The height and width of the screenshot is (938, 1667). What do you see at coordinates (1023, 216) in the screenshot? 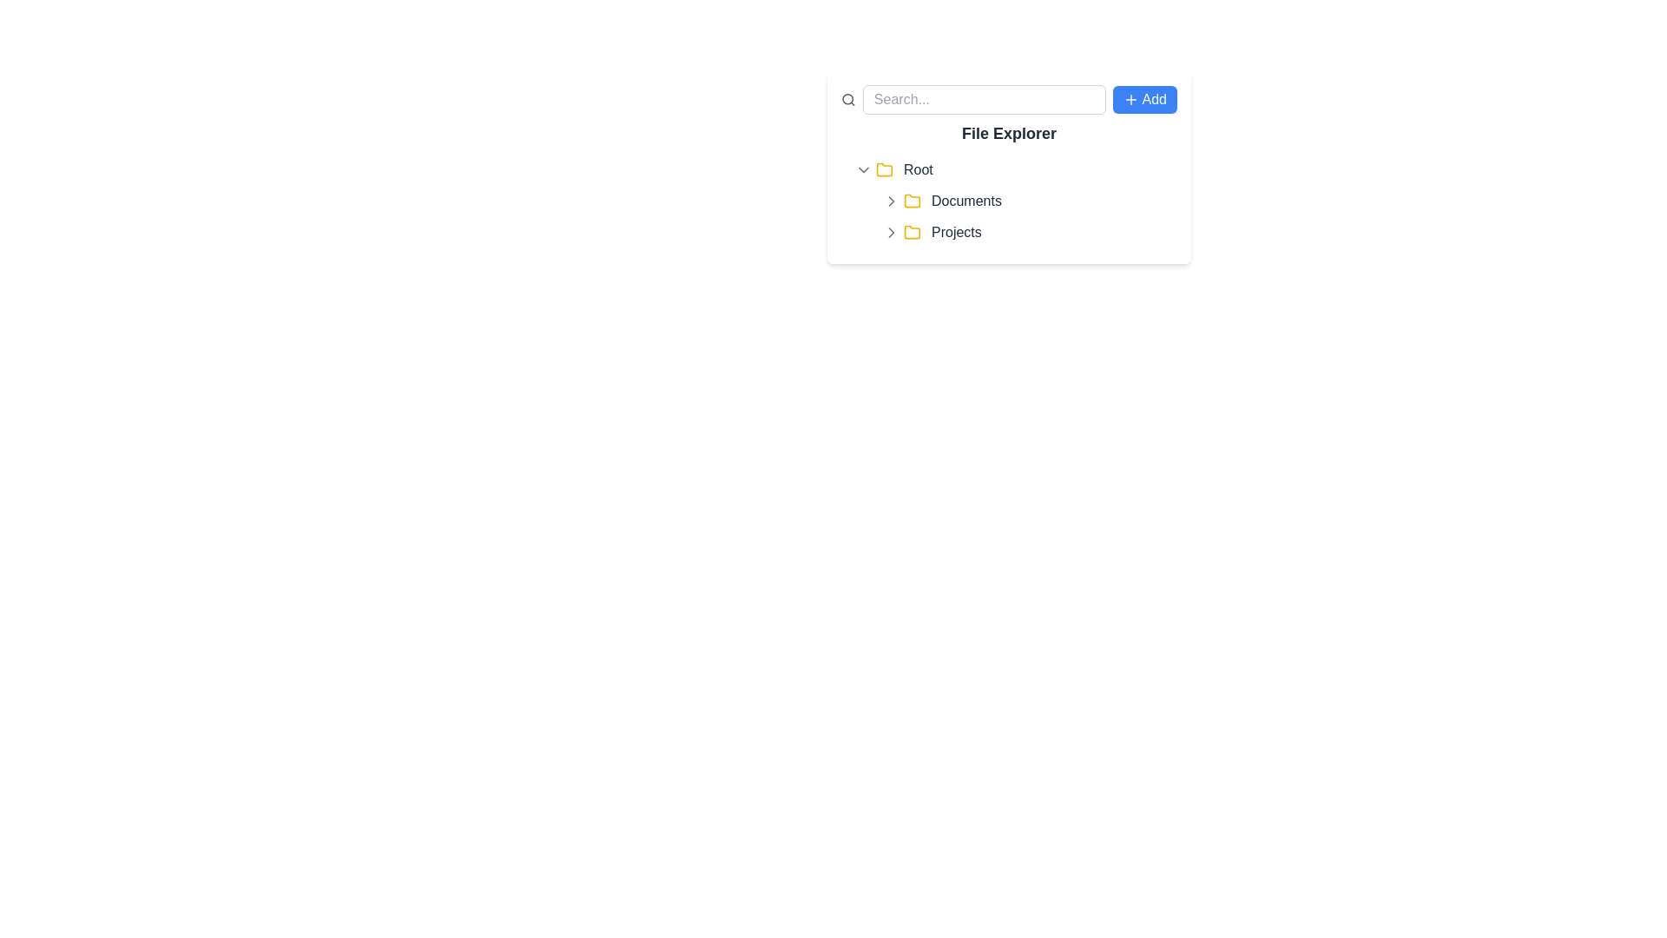
I see `the 'Documents' or 'Projects' category in the navigation list` at bounding box center [1023, 216].